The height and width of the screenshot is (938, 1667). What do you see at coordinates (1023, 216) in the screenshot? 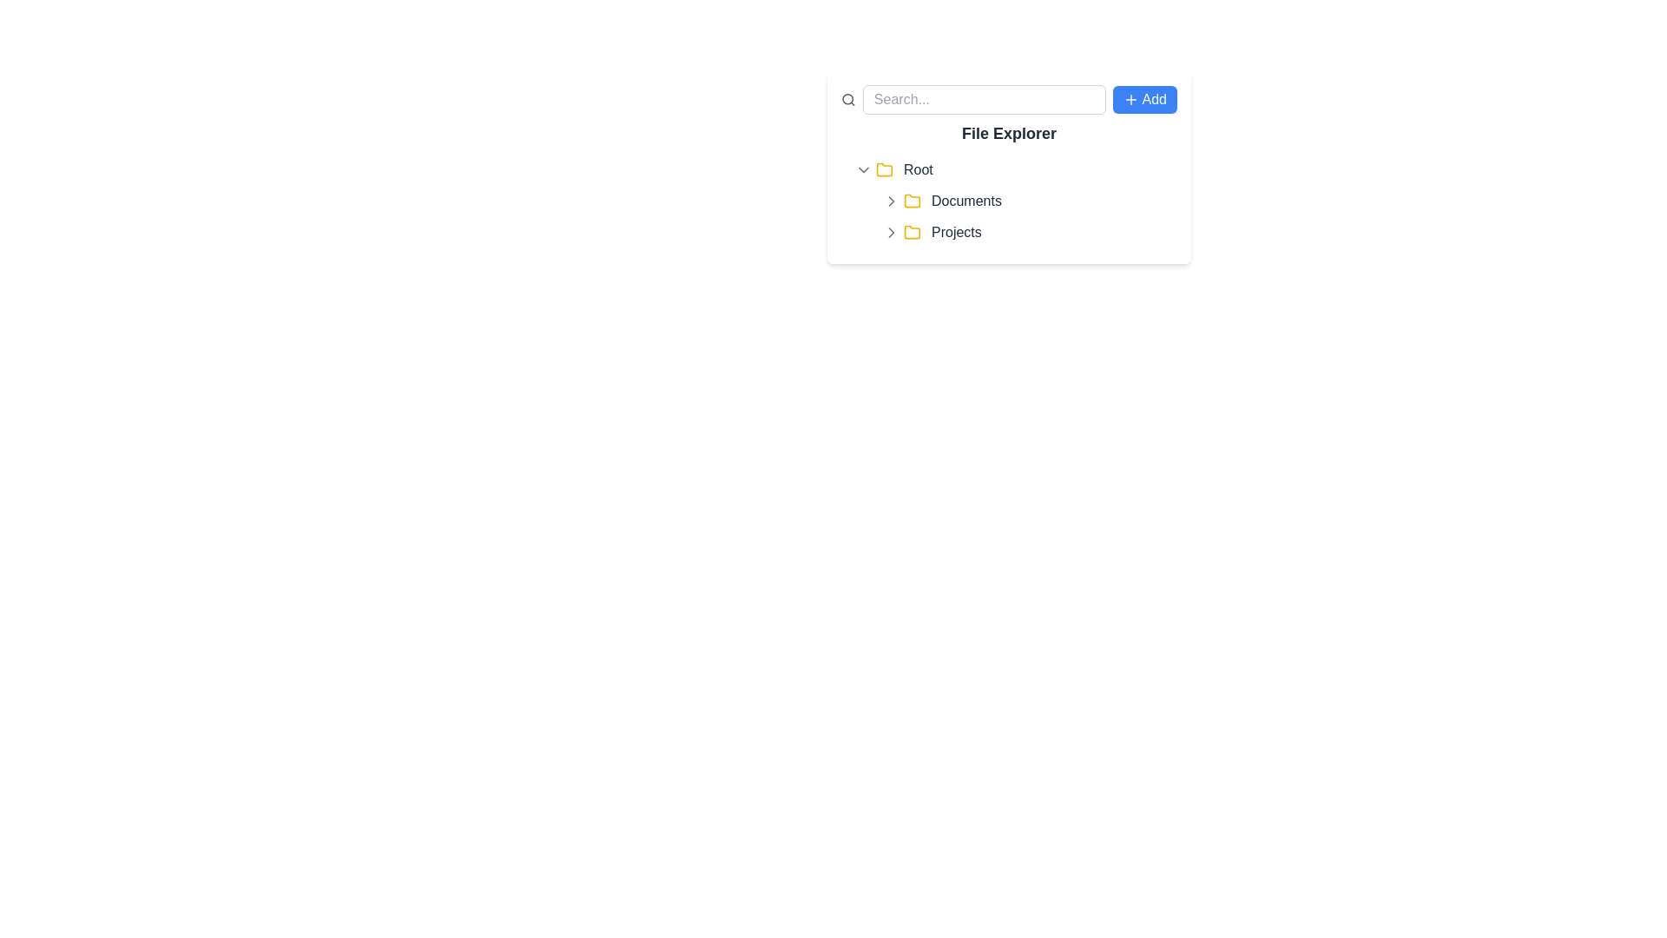
I see `the 'Documents' or 'Projects' category in the navigation list` at bounding box center [1023, 216].